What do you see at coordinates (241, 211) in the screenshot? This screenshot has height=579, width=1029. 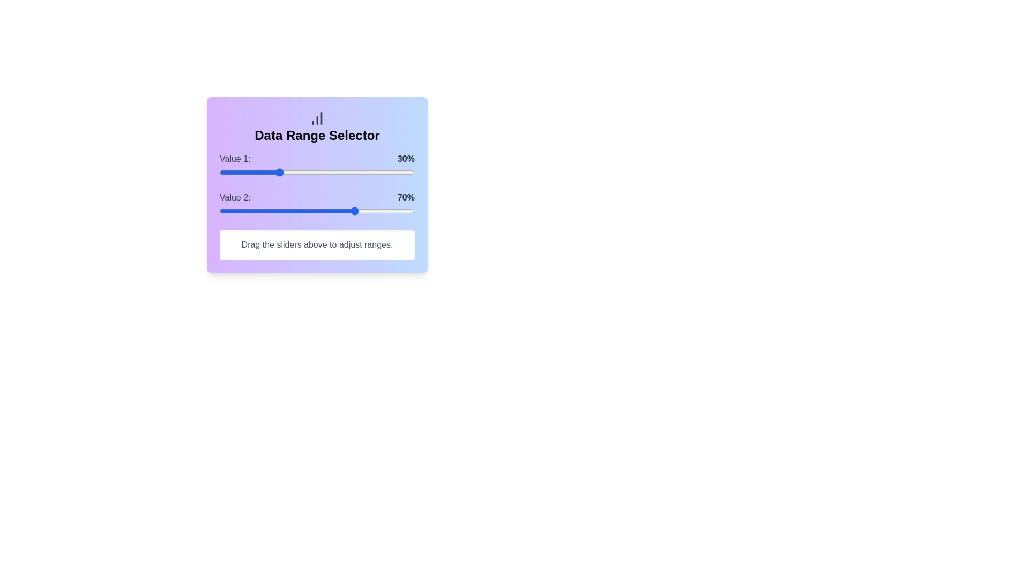 I see `the Value 2 slider to 11%` at bounding box center [241, 211].